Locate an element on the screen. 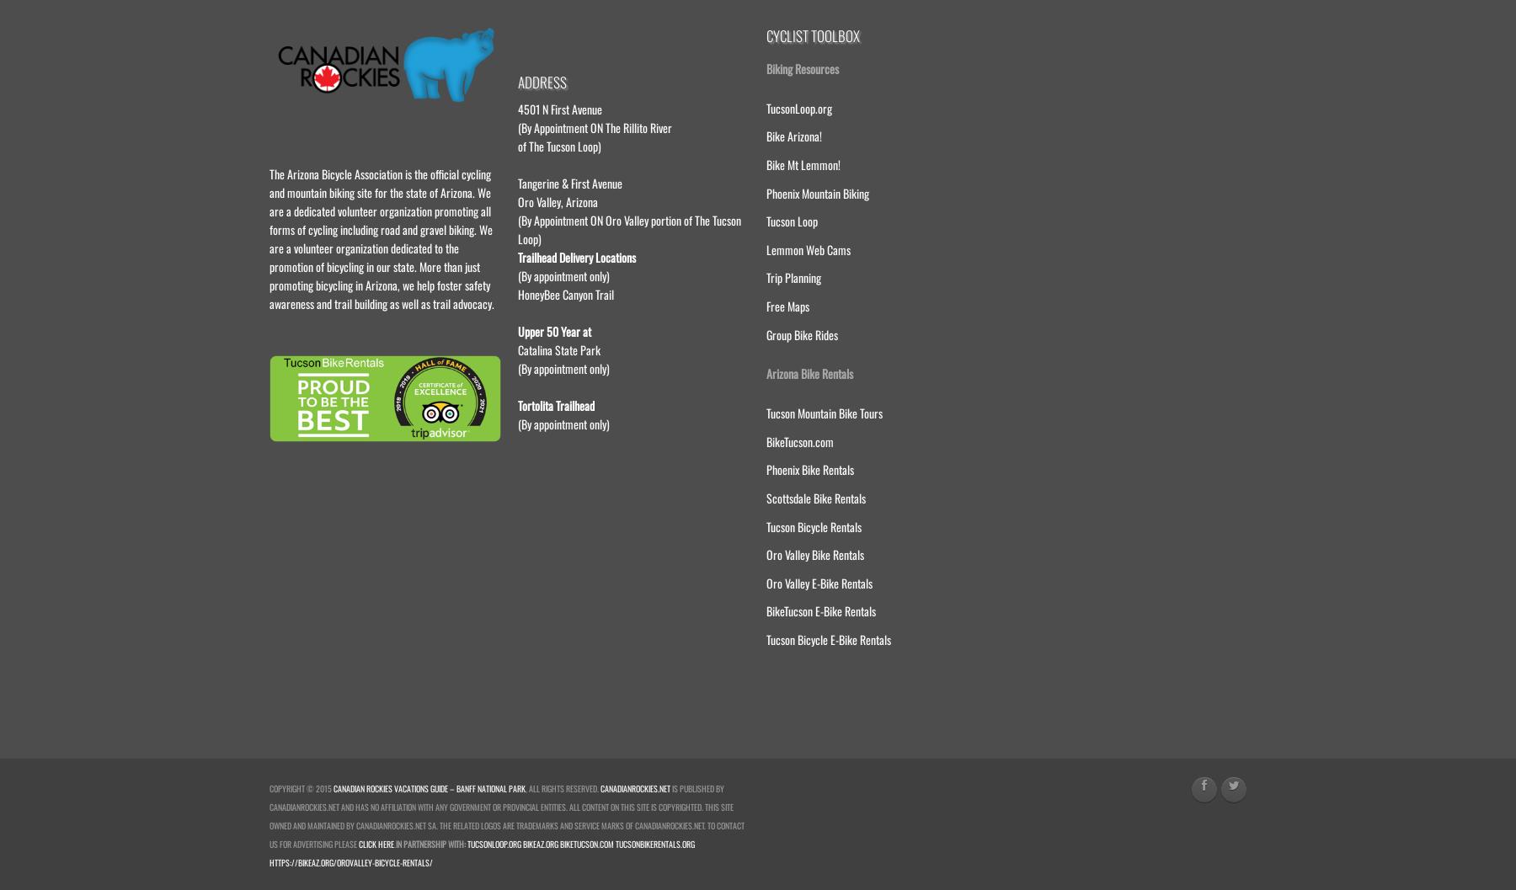 Image resolution: width=1516 pixels, height=890 pixels. 'is published by CanadianRockies.net and has no affiliation with any government or provincial entities. All content on this site is copyrighted. This site owned and maintained by CanadianRockies.net SA. The related logos are trademarks and service marks of CanadianRockies.net. To contact us for advertising please' is located at coordinates (506, 815).